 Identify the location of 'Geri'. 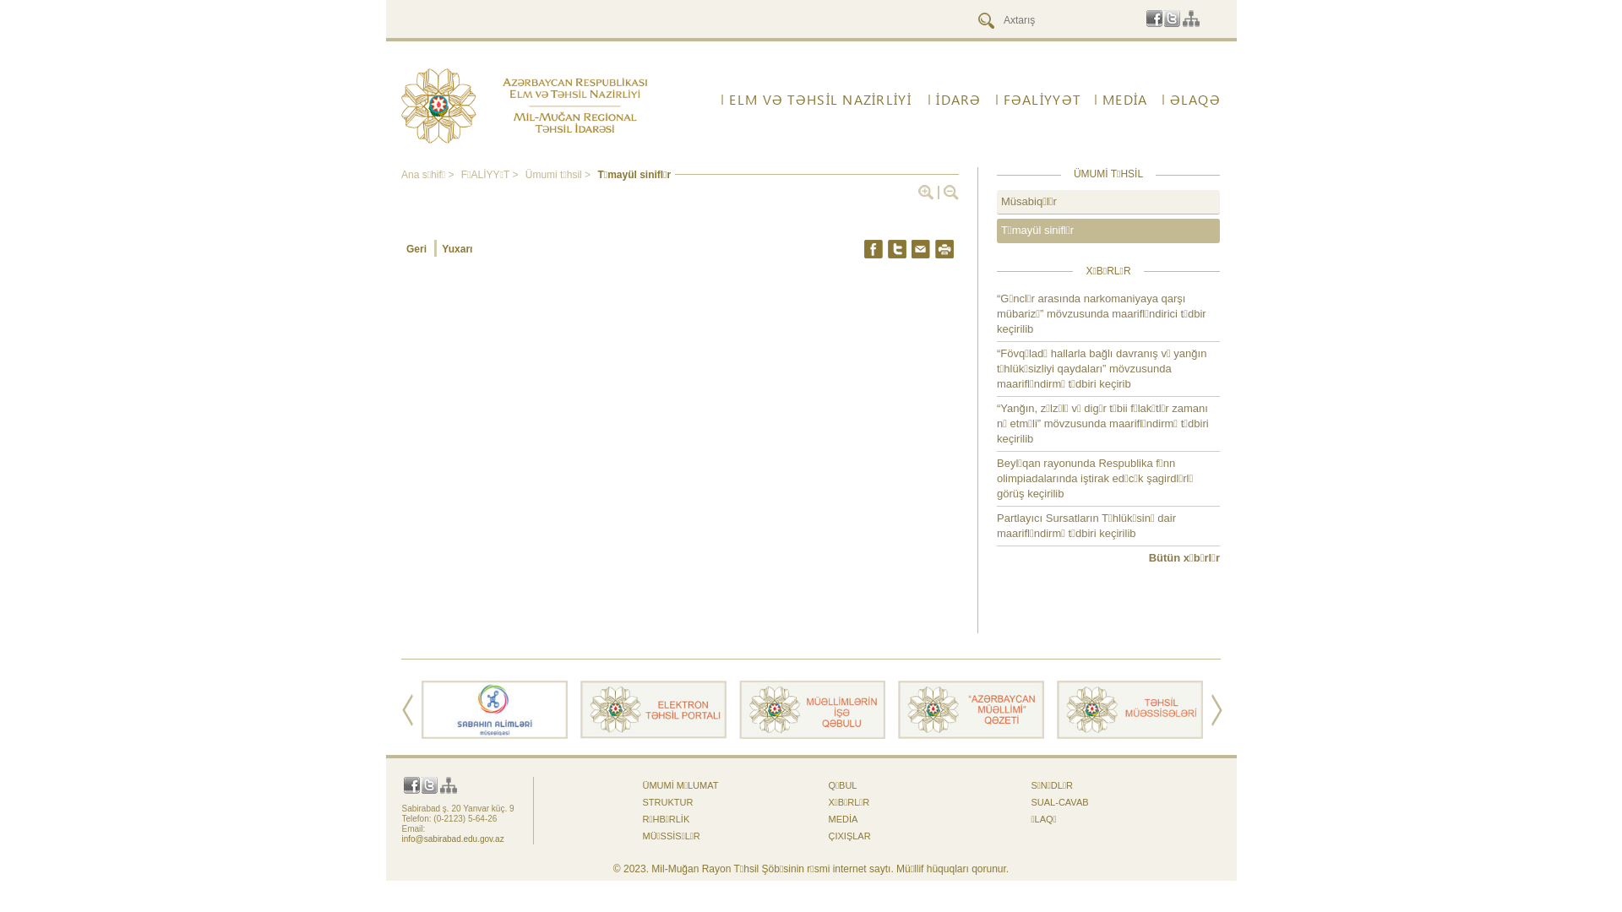
(418, 247).